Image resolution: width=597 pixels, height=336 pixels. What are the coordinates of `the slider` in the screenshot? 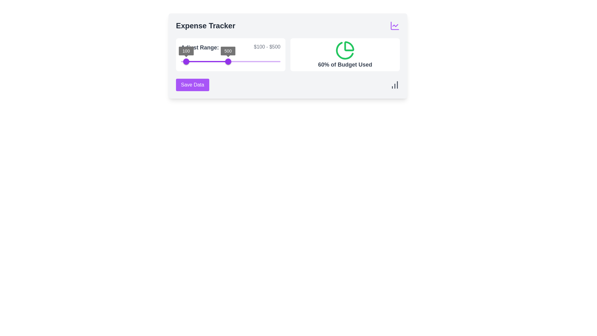 It's located at (202, 61).